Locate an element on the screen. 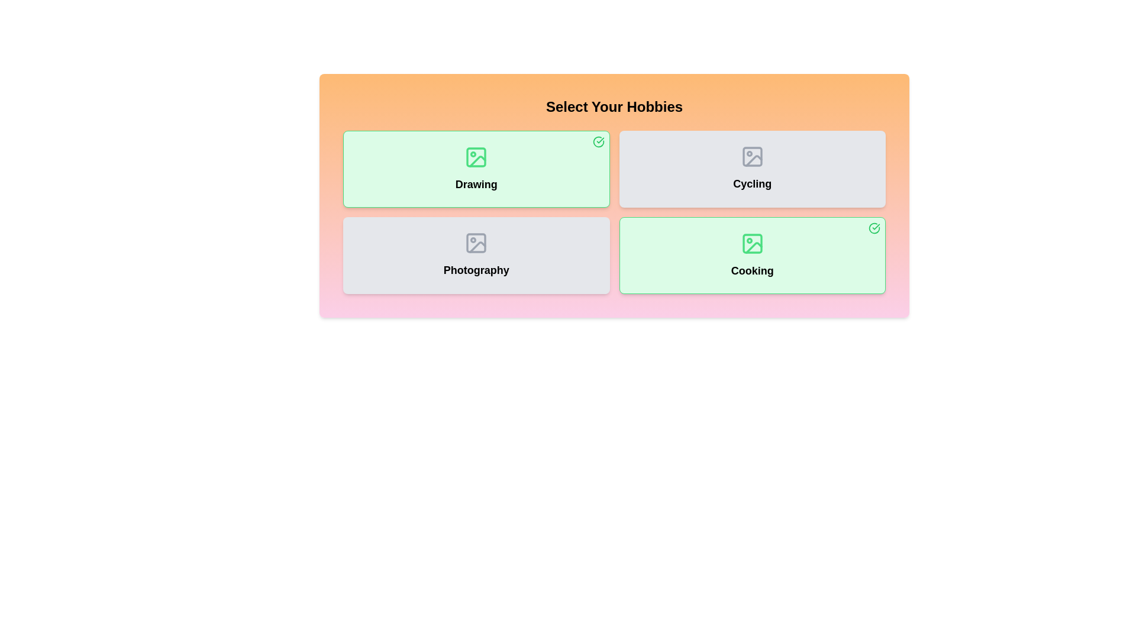 Image resolution: width=1136 pixels, height=639 pixels. the hobby Cycling by clicking on its card is located at coordinates (751, 169).